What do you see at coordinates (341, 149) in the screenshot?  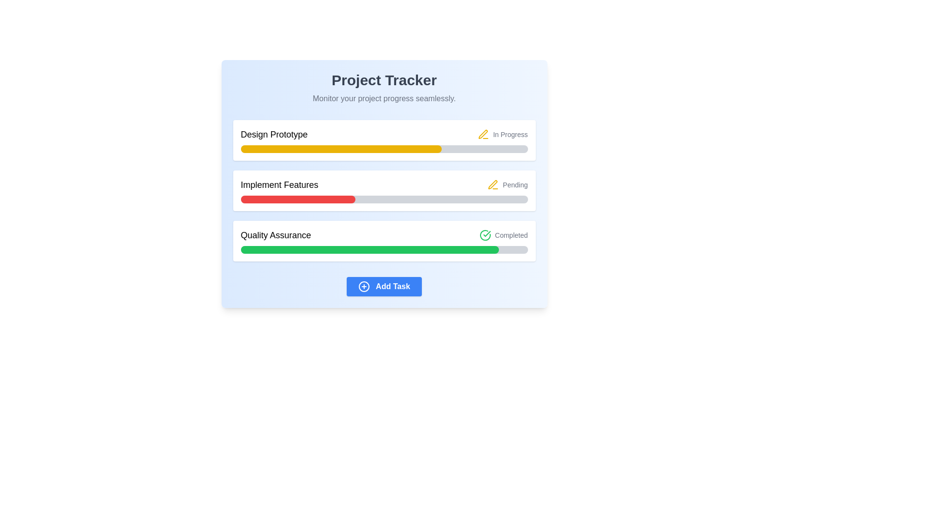 I see `the visual representation of the task progress by interacting with the yellow progress bar segment that is filled to approximately 70% within the 'Design Prototype' task` at bounding box center [341, 149].